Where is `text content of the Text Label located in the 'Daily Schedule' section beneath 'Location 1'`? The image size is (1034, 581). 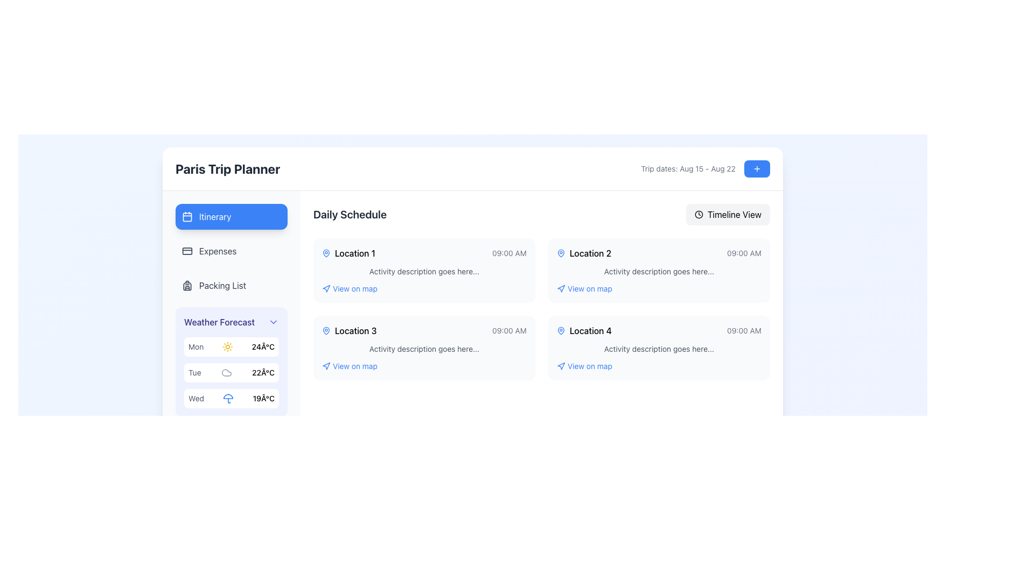 text content of the Text Label located in the 'Daily Schedule' section beneath 'Location 1' is located at coordinates (355, 330).